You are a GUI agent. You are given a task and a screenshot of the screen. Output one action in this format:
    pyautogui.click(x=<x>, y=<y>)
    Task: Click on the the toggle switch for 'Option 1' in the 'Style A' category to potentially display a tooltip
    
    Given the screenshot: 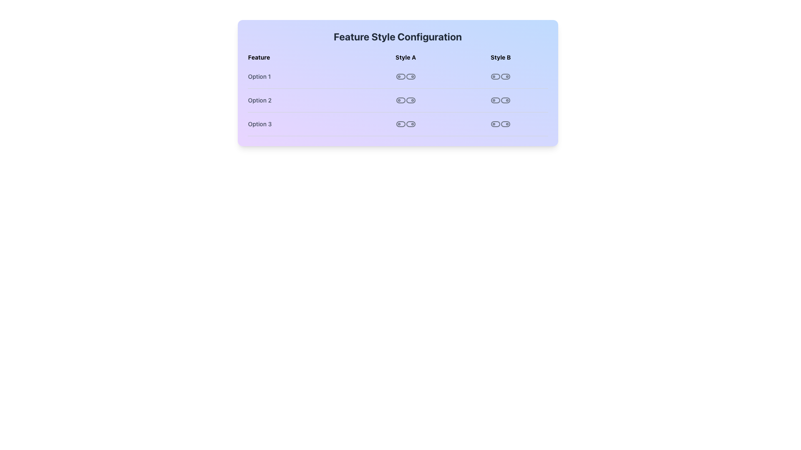 What is the action you would take?
    pyautogui.click(x=411, y=77)
    